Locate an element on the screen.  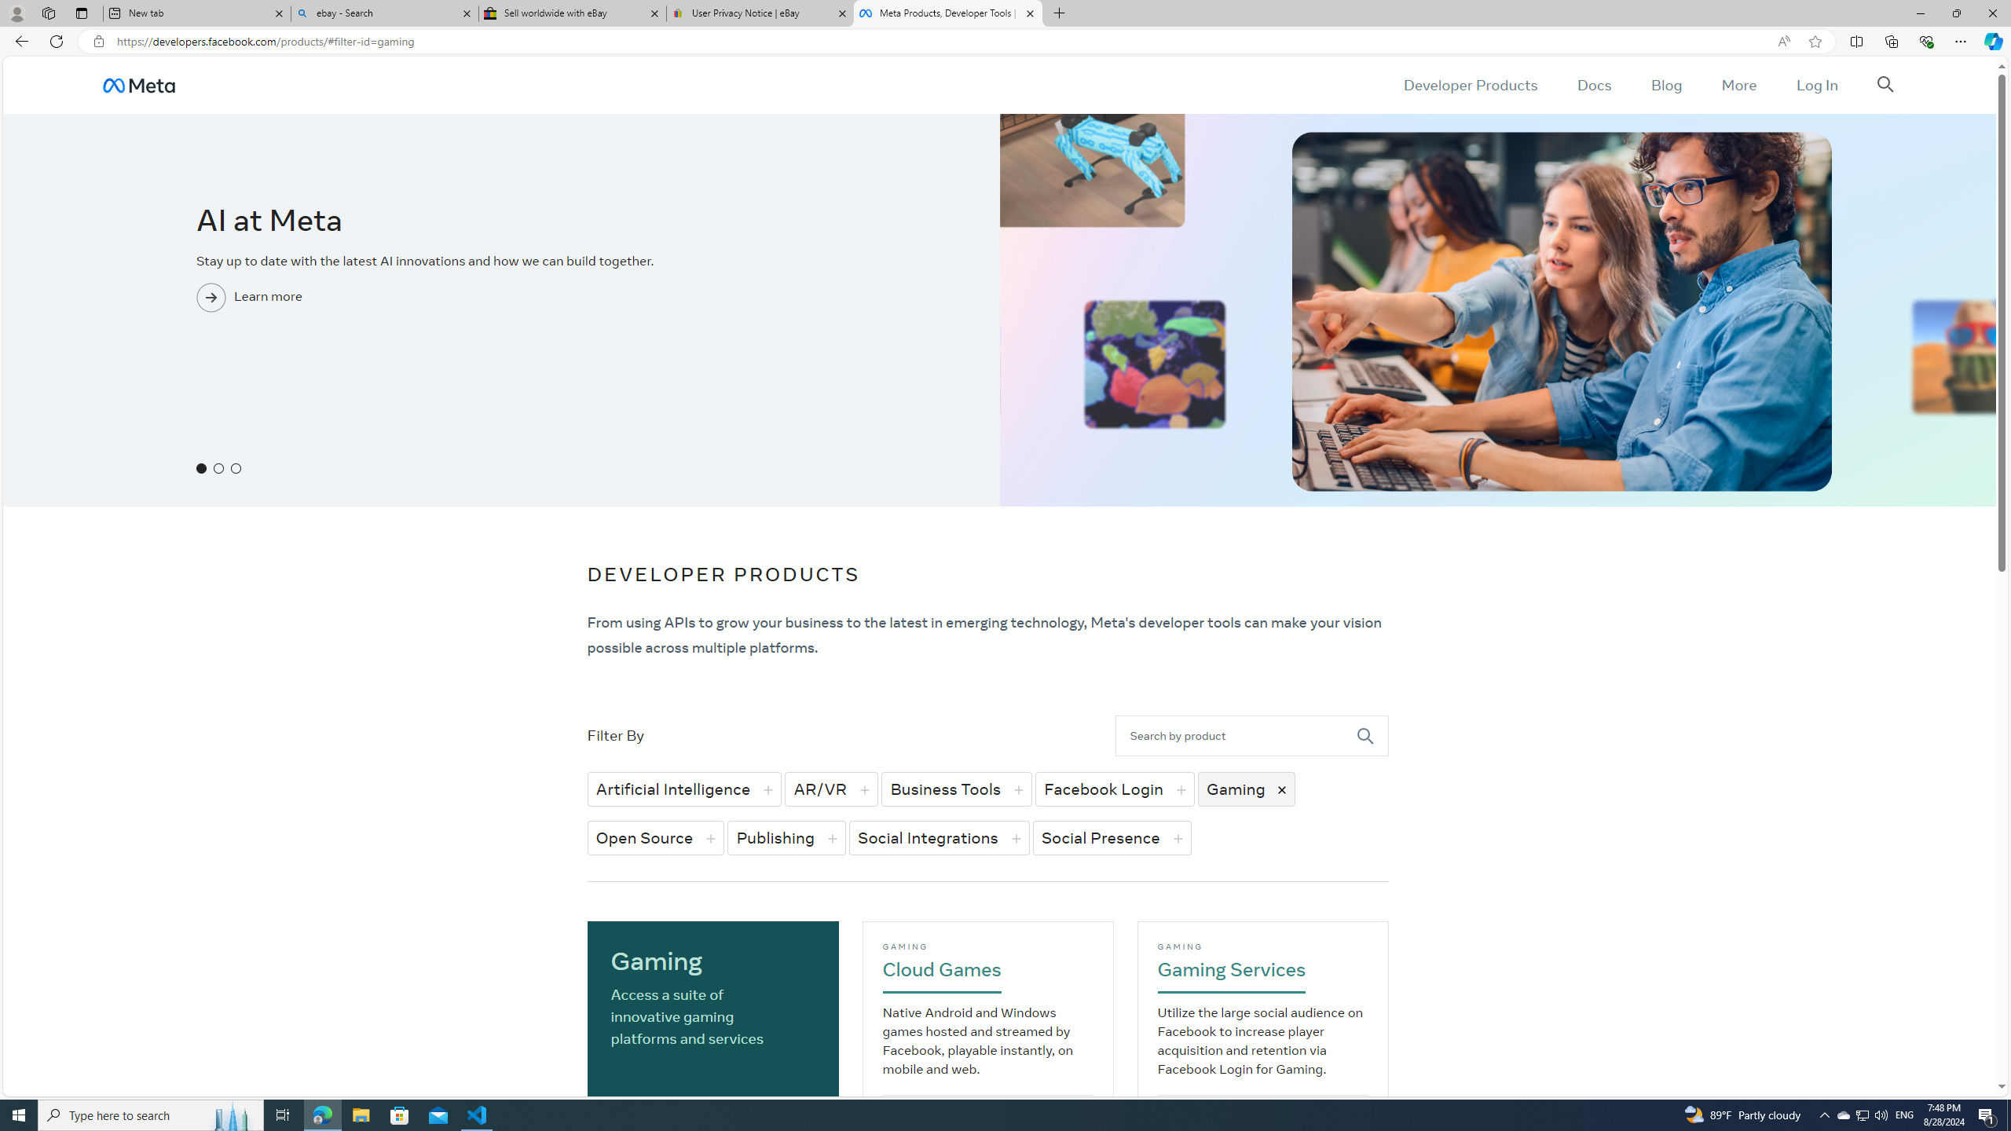
'Search by product' is located at coordinates (1236, 734).